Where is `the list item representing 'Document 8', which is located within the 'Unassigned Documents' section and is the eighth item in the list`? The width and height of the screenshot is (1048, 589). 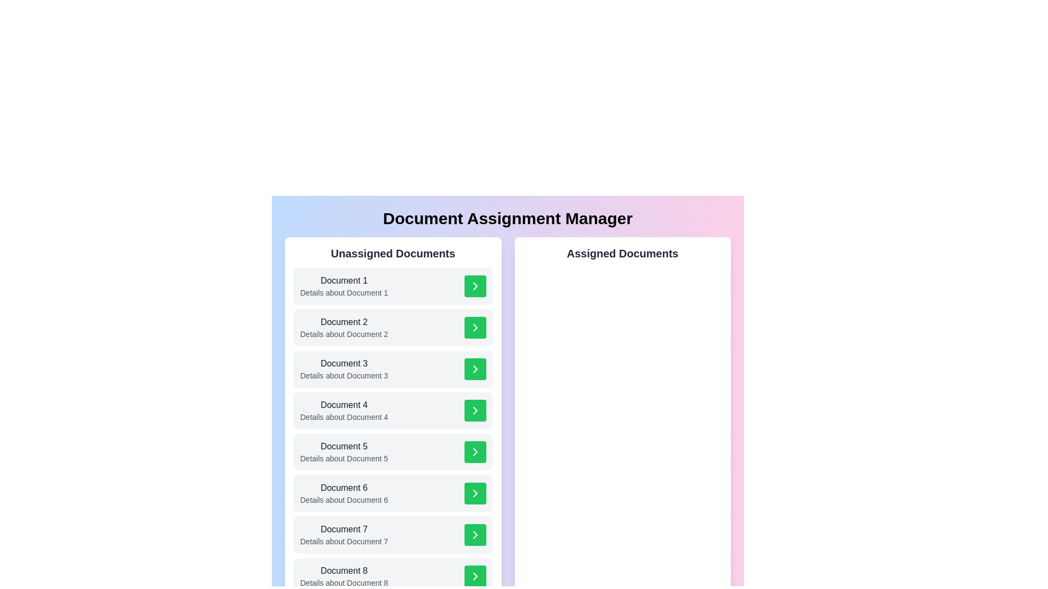
the list item representing 'Document 8', which is located within the 'Unassigned Documents' section and is the eighth item in the list is located at coordinates (343, 575).